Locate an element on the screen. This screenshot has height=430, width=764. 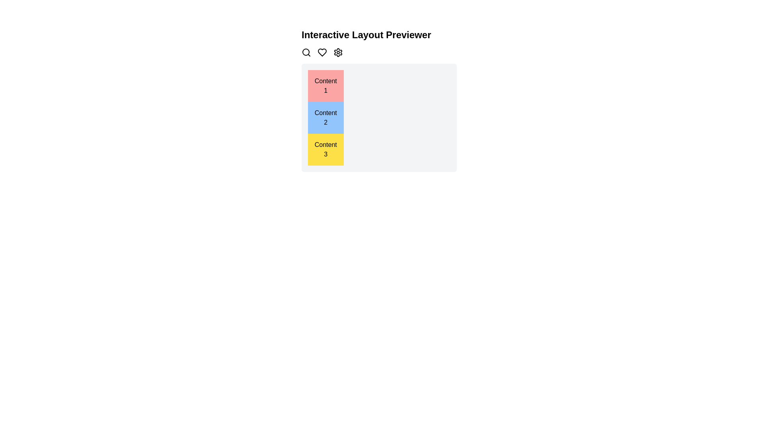
the settings icon located at the top right section of the interface, next to the heart icon is located at coordinates (338, 52).